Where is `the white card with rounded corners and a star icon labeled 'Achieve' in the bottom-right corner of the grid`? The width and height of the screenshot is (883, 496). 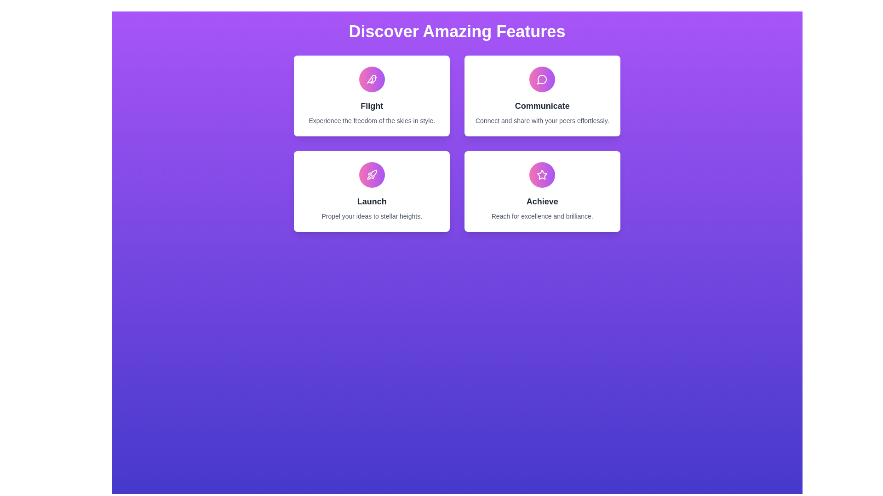 the white card with rounded corners and a star icon labeled 'Achieve' in the bottom-right corner of the grid is located at coordinates (542, 191).